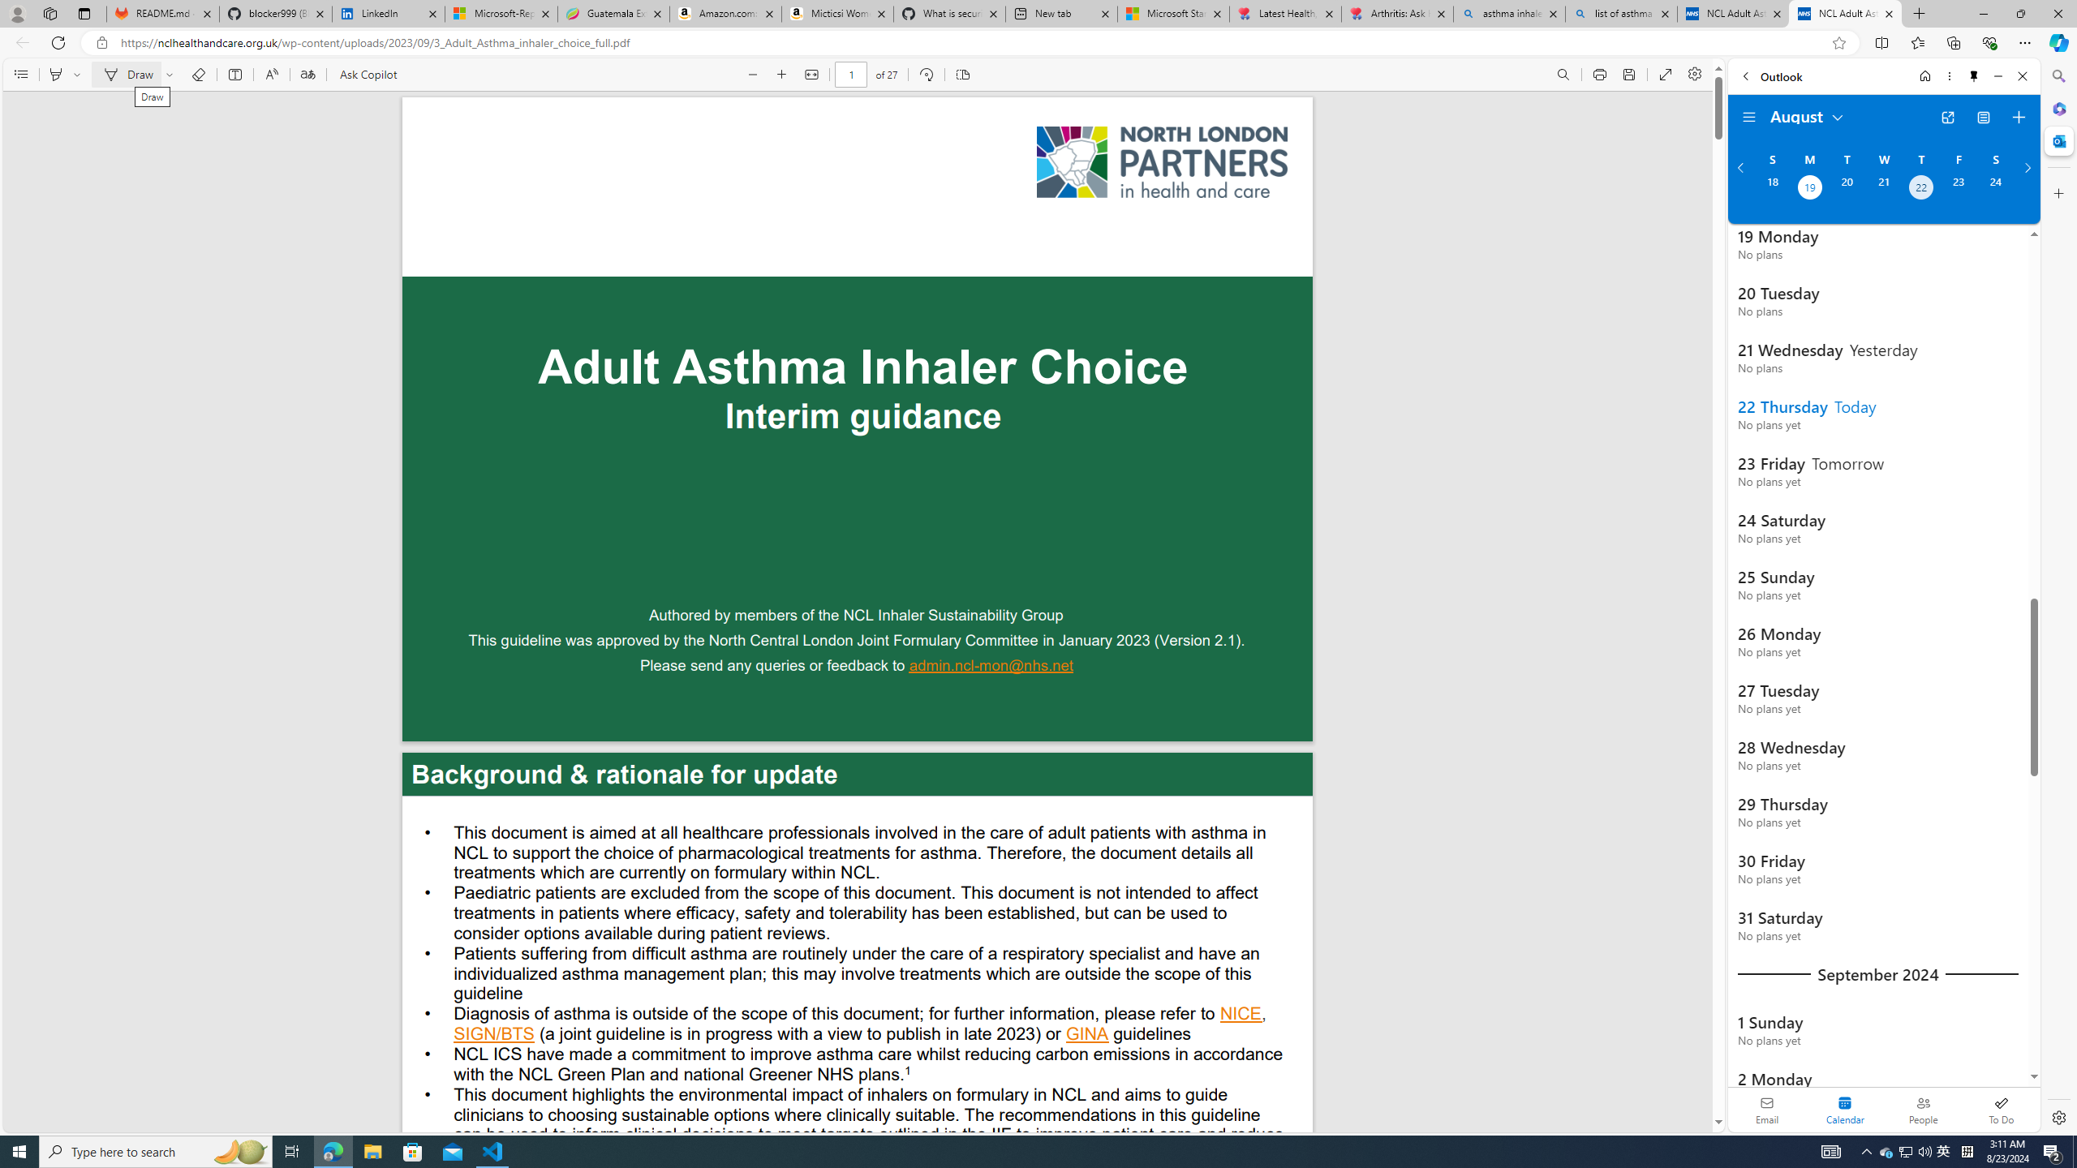 The height and width of the screenshot is (1168, 2077). What do you see at coordinates (56, 74) in the screenshot?
I see `'Highlight'` at bounding box center [56, 74].